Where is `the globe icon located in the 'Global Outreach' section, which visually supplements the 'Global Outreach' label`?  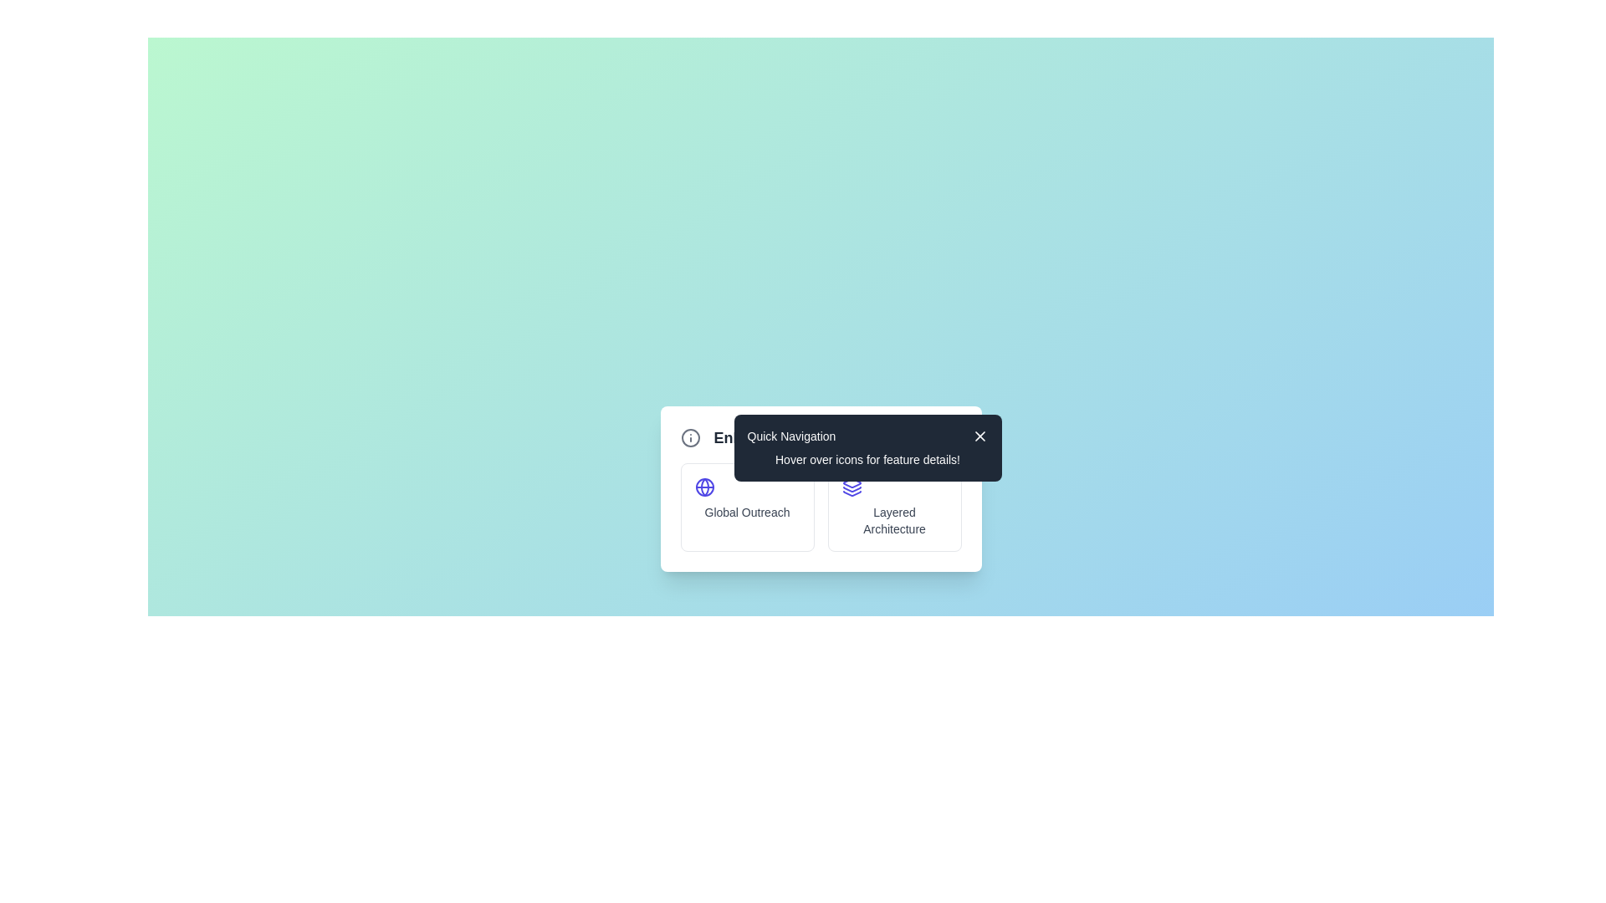
the globe icon located in the 'Global Outreach' section, which visually supplements the 'Global Outreach' label is located at coordinates (704, 487).